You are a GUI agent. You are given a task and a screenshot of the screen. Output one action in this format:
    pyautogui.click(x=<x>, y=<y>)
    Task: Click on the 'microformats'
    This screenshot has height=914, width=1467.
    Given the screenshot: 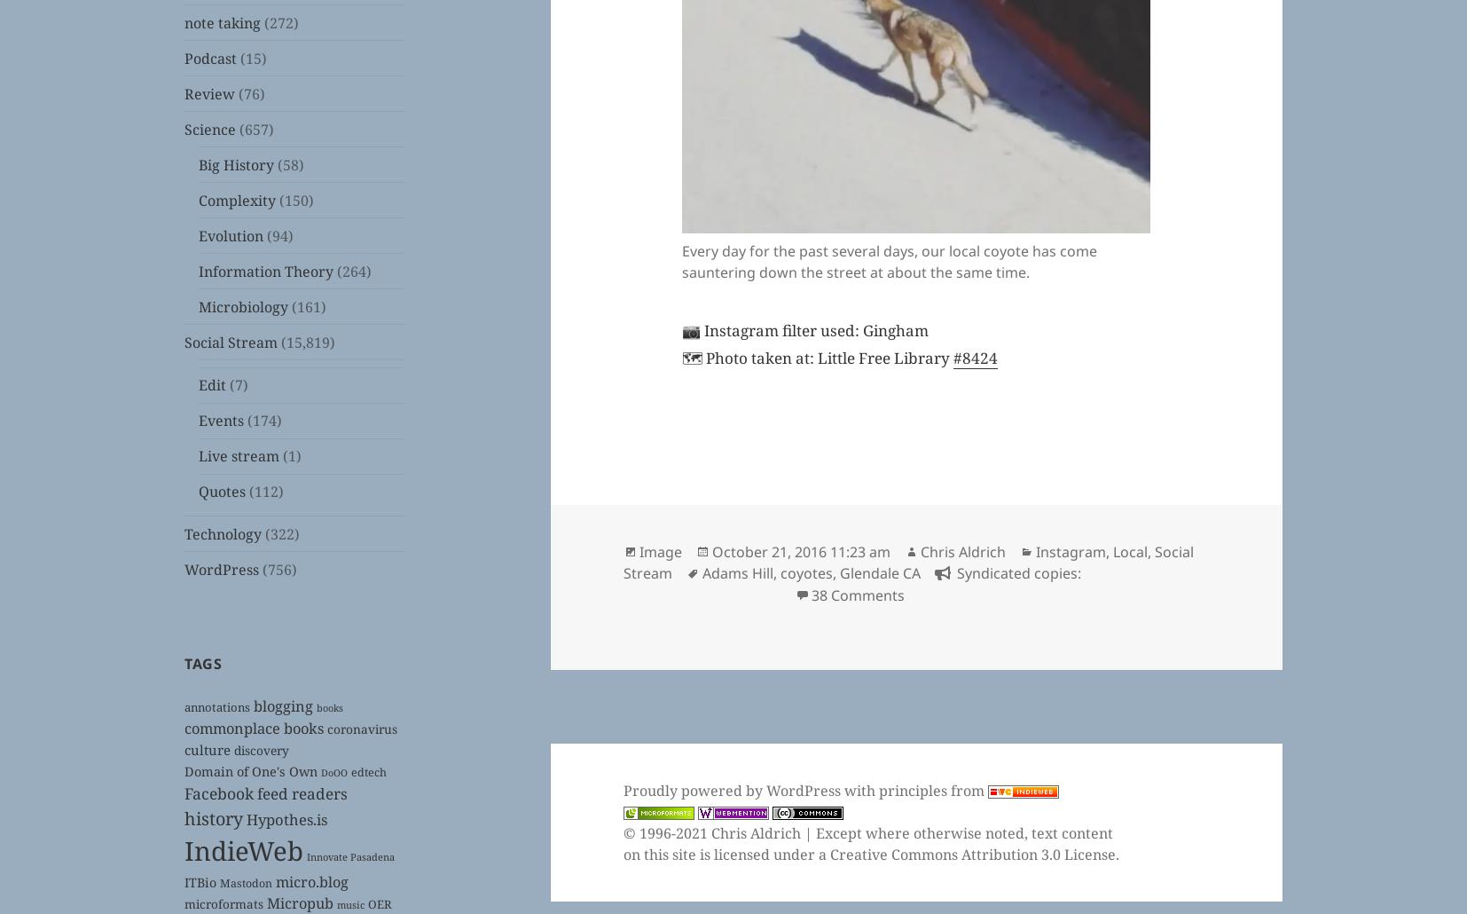 What is the action you would take?
    pyautogui.click(x=223, y=902)
    